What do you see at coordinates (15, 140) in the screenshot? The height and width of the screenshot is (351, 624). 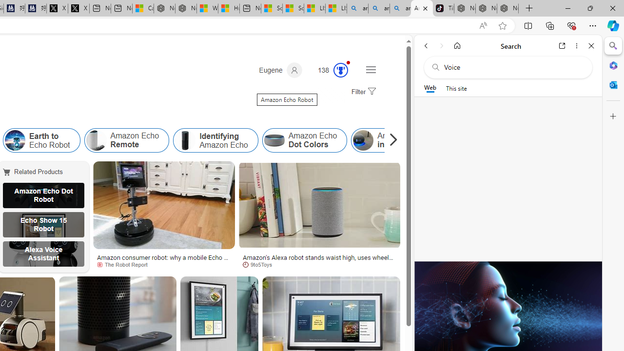 I see `'Earth to Echo Robot'` at bounding box center [15, 140].